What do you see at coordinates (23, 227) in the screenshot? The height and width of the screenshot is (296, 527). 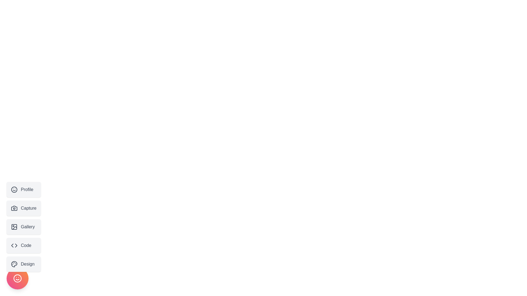 I see `the gallery navigation button located below the 'Capture' button and above the 'Code' button to observe any hover effects` at bounding box center [23, 227].